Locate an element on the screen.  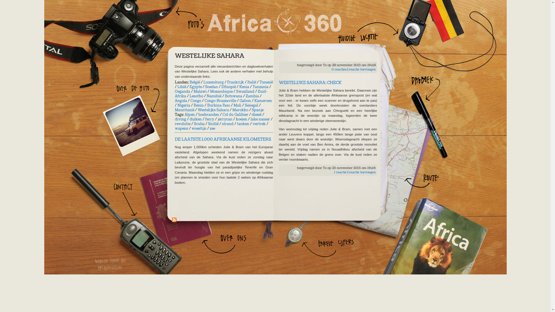
'wapens' is located at coordinates (181, 128).